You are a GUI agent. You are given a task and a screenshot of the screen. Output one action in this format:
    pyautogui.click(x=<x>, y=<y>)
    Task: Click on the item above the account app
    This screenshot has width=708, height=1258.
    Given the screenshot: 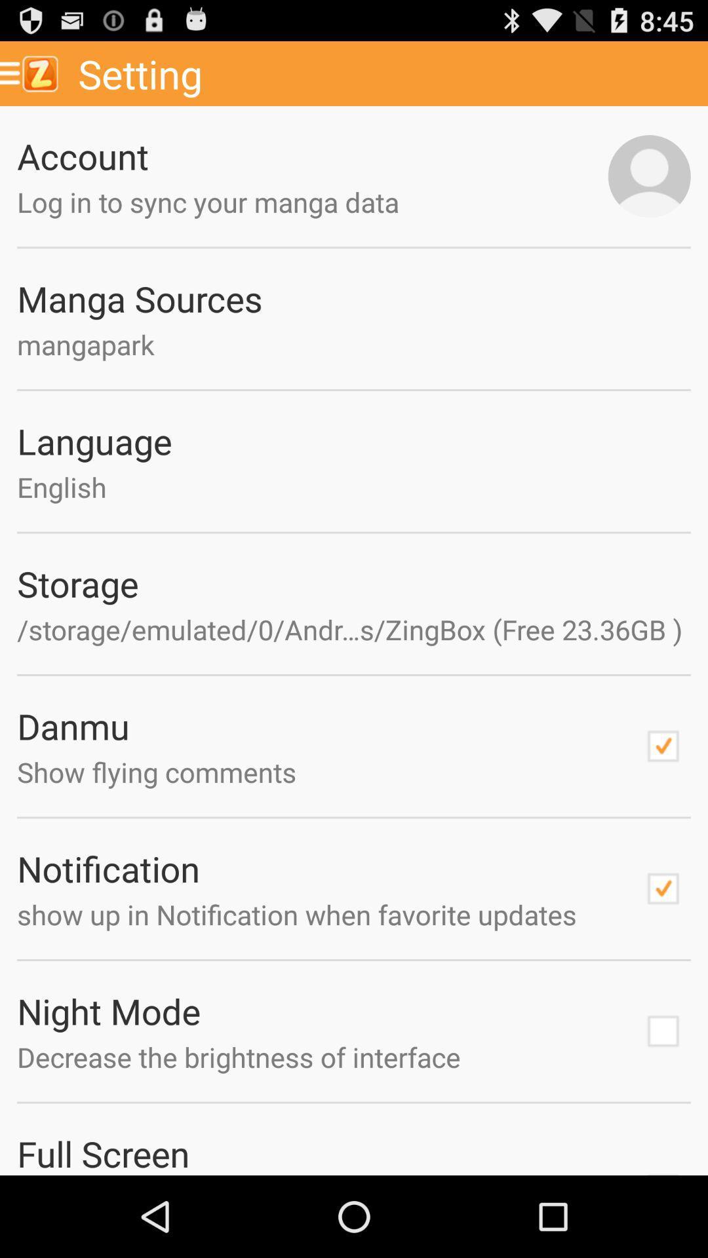 What is the action you would take?
    pyautogui.click(x=387, y=73)
    